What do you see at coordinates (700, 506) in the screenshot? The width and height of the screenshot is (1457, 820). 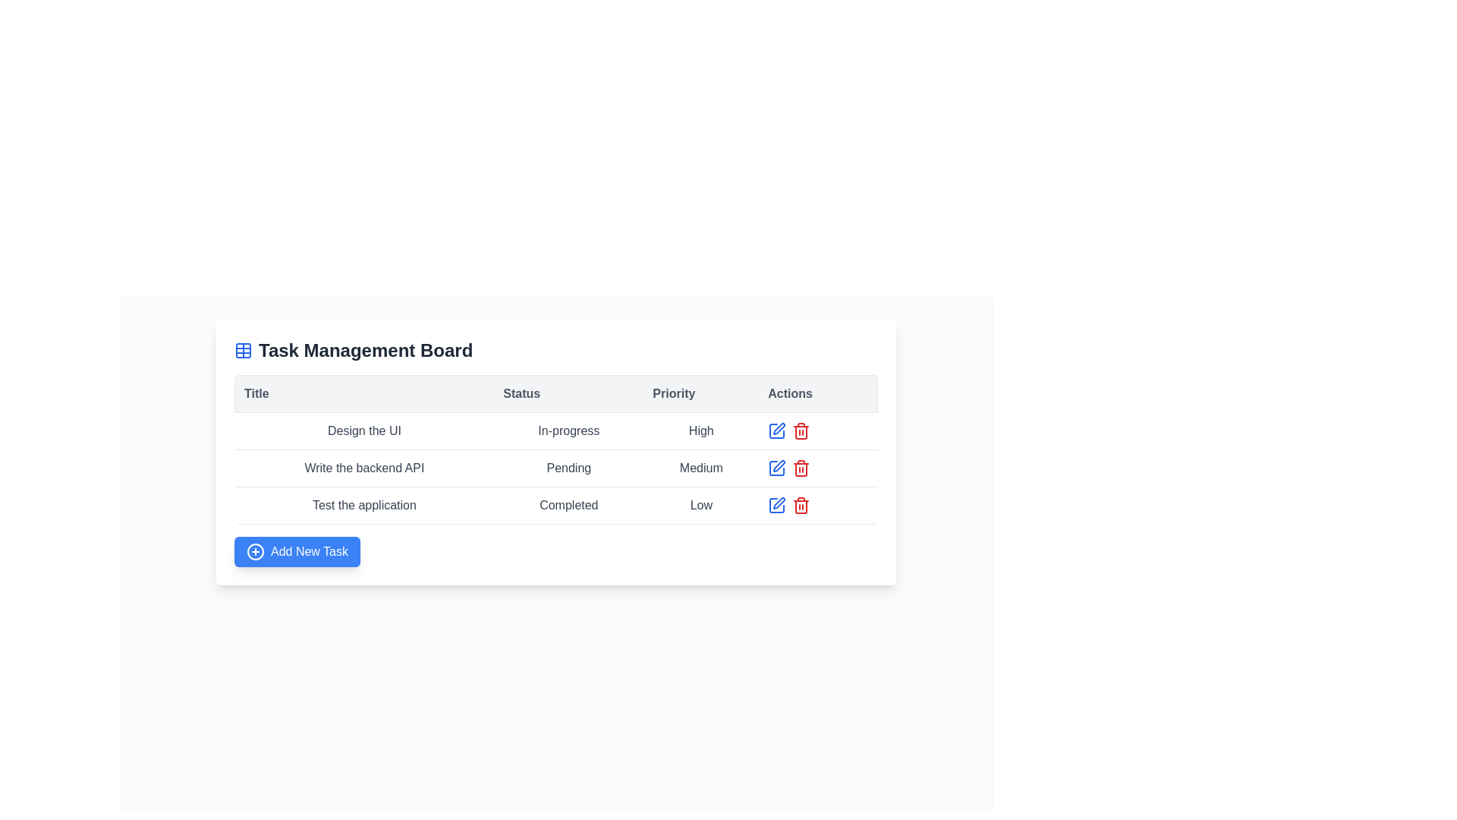 I see `text 'Low' from the Text label in the 'Priority' column of the task management board, which is the third item in that column and aligned under the 'Test the application' task row` at bounding box center [700, 506].